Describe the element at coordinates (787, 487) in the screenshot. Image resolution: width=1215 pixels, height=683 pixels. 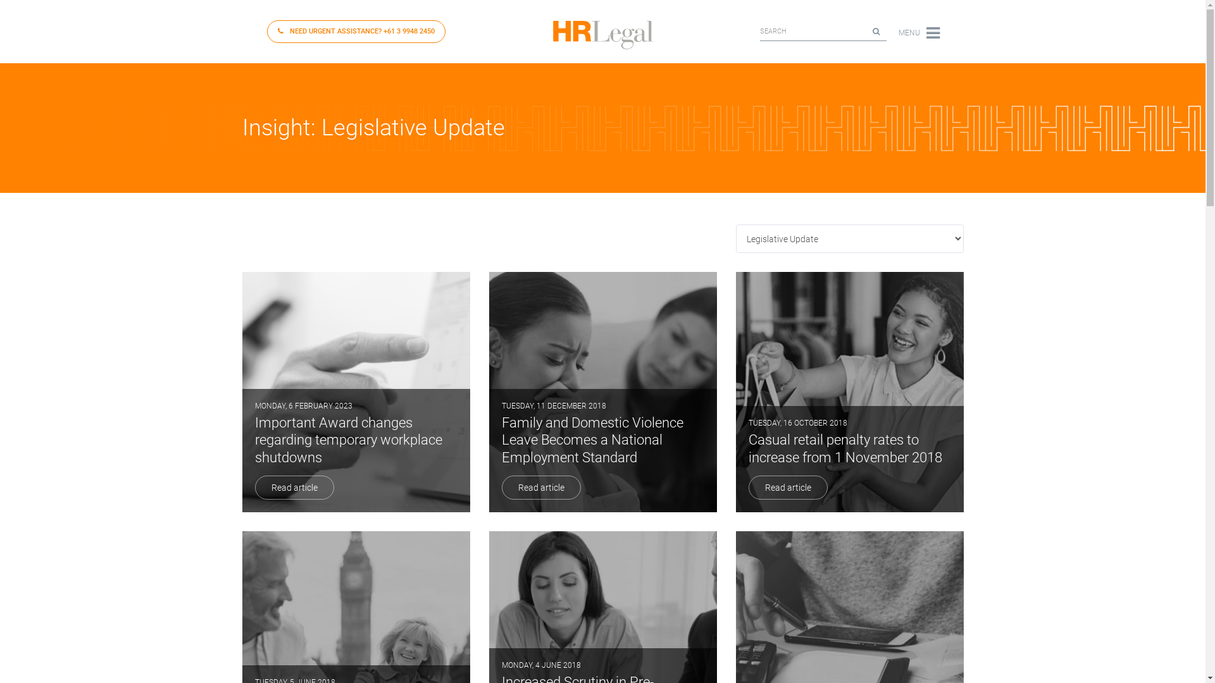
I see `'Read article'` at that location.